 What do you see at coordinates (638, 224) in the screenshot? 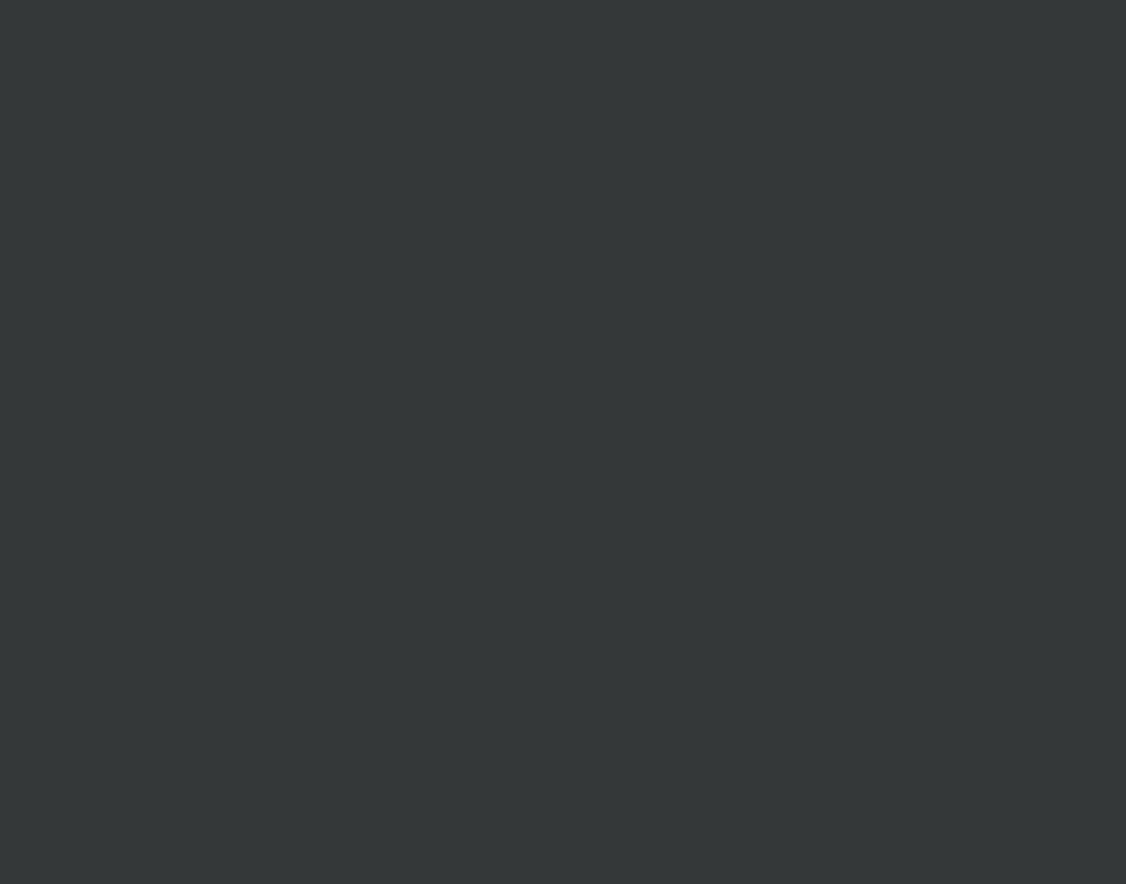
I see `'What else would help me match you with a book?'` at bounding box center [638, 224].